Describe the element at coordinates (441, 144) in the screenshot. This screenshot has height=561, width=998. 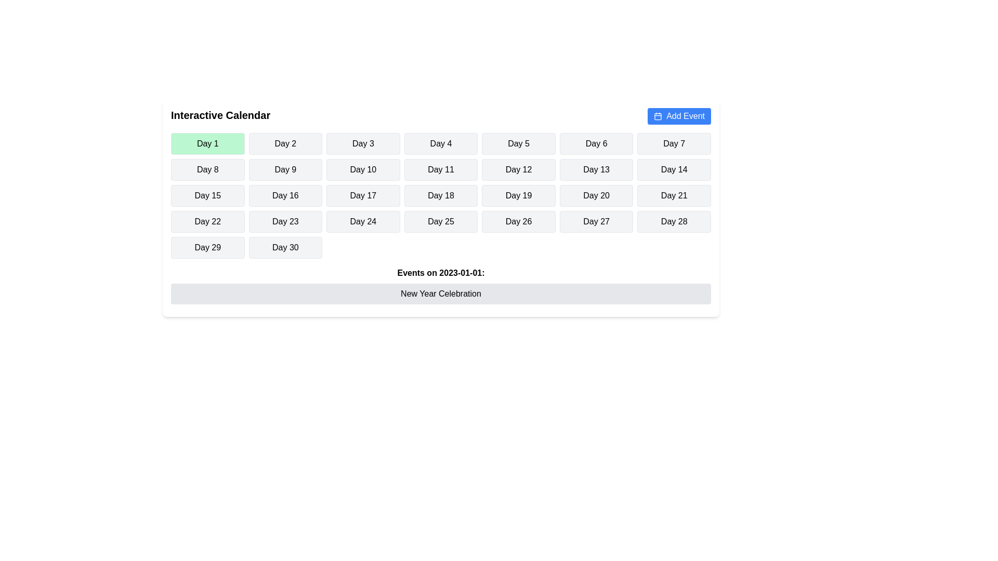
I see `the 'Day 4' button, which is a rectangular button with a gray background and bold text, located in the first row and fourth column of the grid layout` at that location.